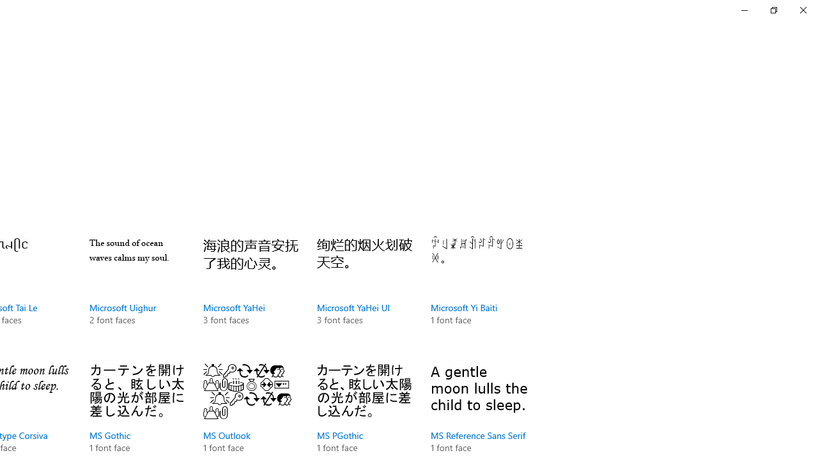  I want to click on 'Microsoft YaHei, 3 font faces', so click(251, 294).